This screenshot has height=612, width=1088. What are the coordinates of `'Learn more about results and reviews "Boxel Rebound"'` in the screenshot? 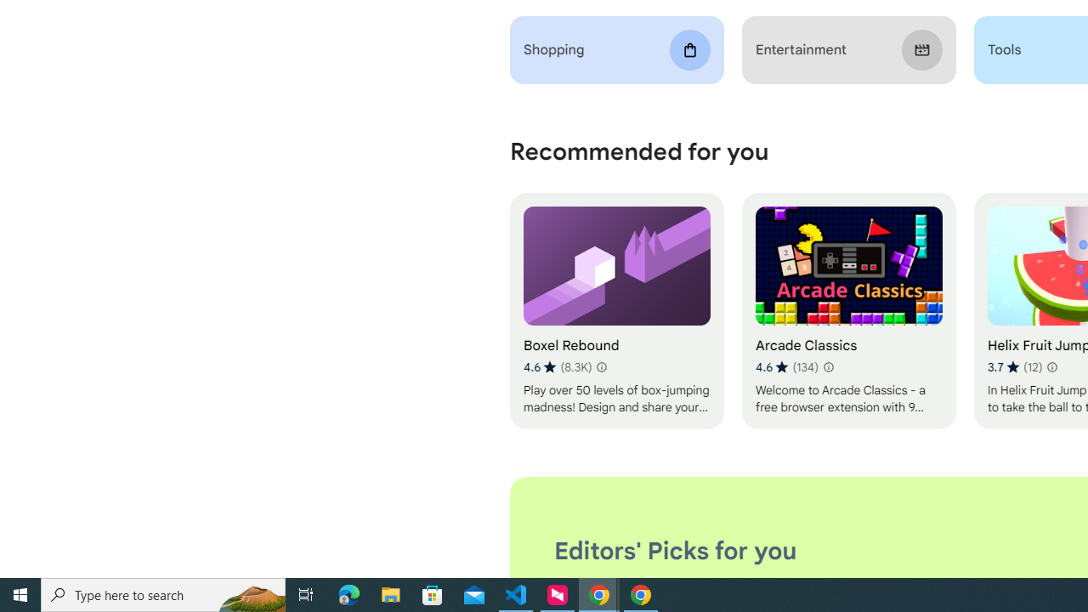 It's located at (601, 366).